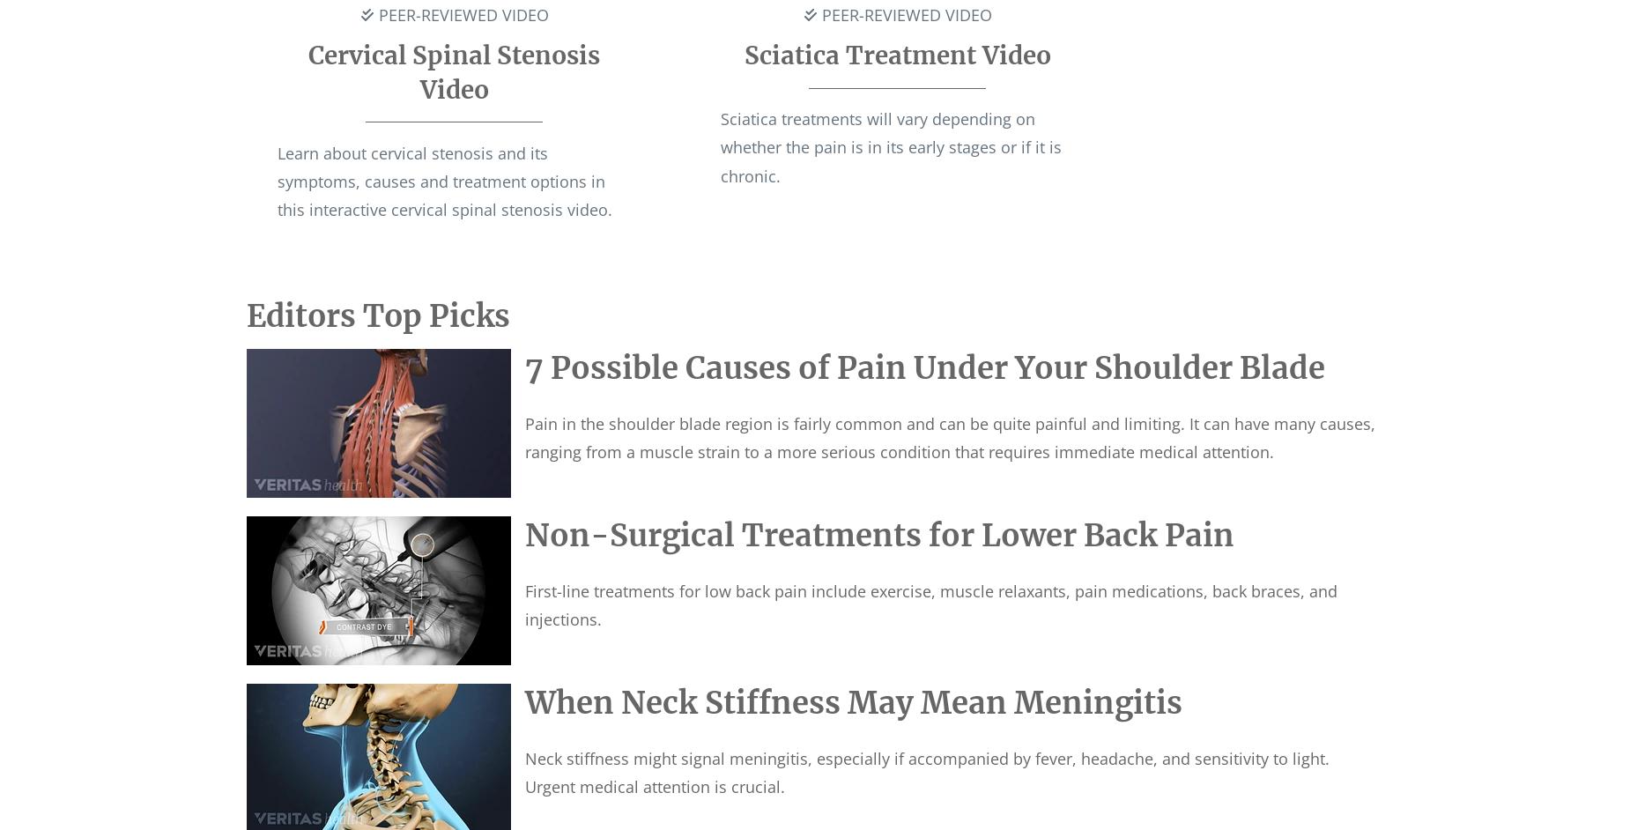 This screenshot has width=1630, height=830. Describe the element at coordinates (926, 772) in the screenshot. I see `'Neck stiffness might signal meningitis, especially if accompanied by fever, headache, and sensitivity to light. Urgent medical attention is crucial.'` at that location.